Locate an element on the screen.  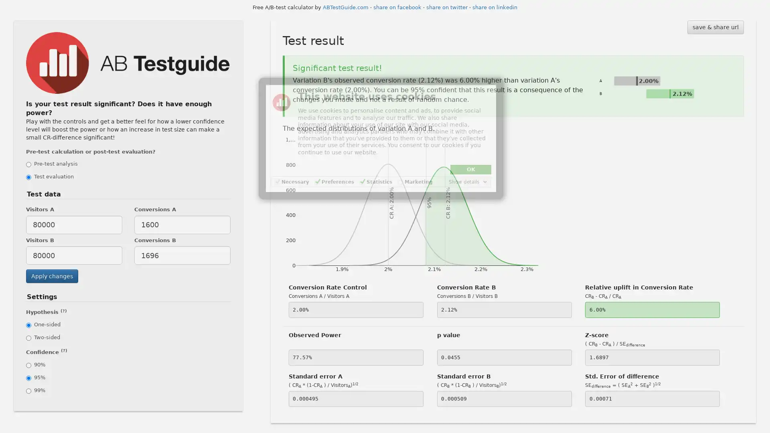
Apply changes is located at coordinates (51, 276).